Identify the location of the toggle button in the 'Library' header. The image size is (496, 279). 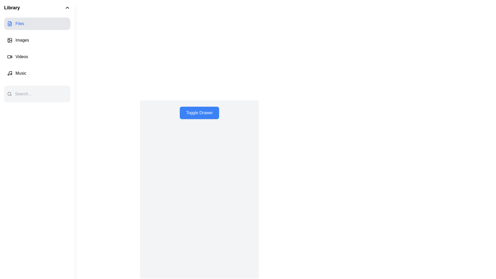
(67, 8).